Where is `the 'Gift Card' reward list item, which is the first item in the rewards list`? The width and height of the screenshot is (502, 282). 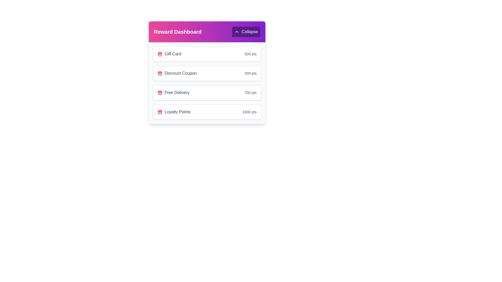
the 'Gift Card' reward list item, which is the first item in the rewards list is located at coordinates (207, 54).